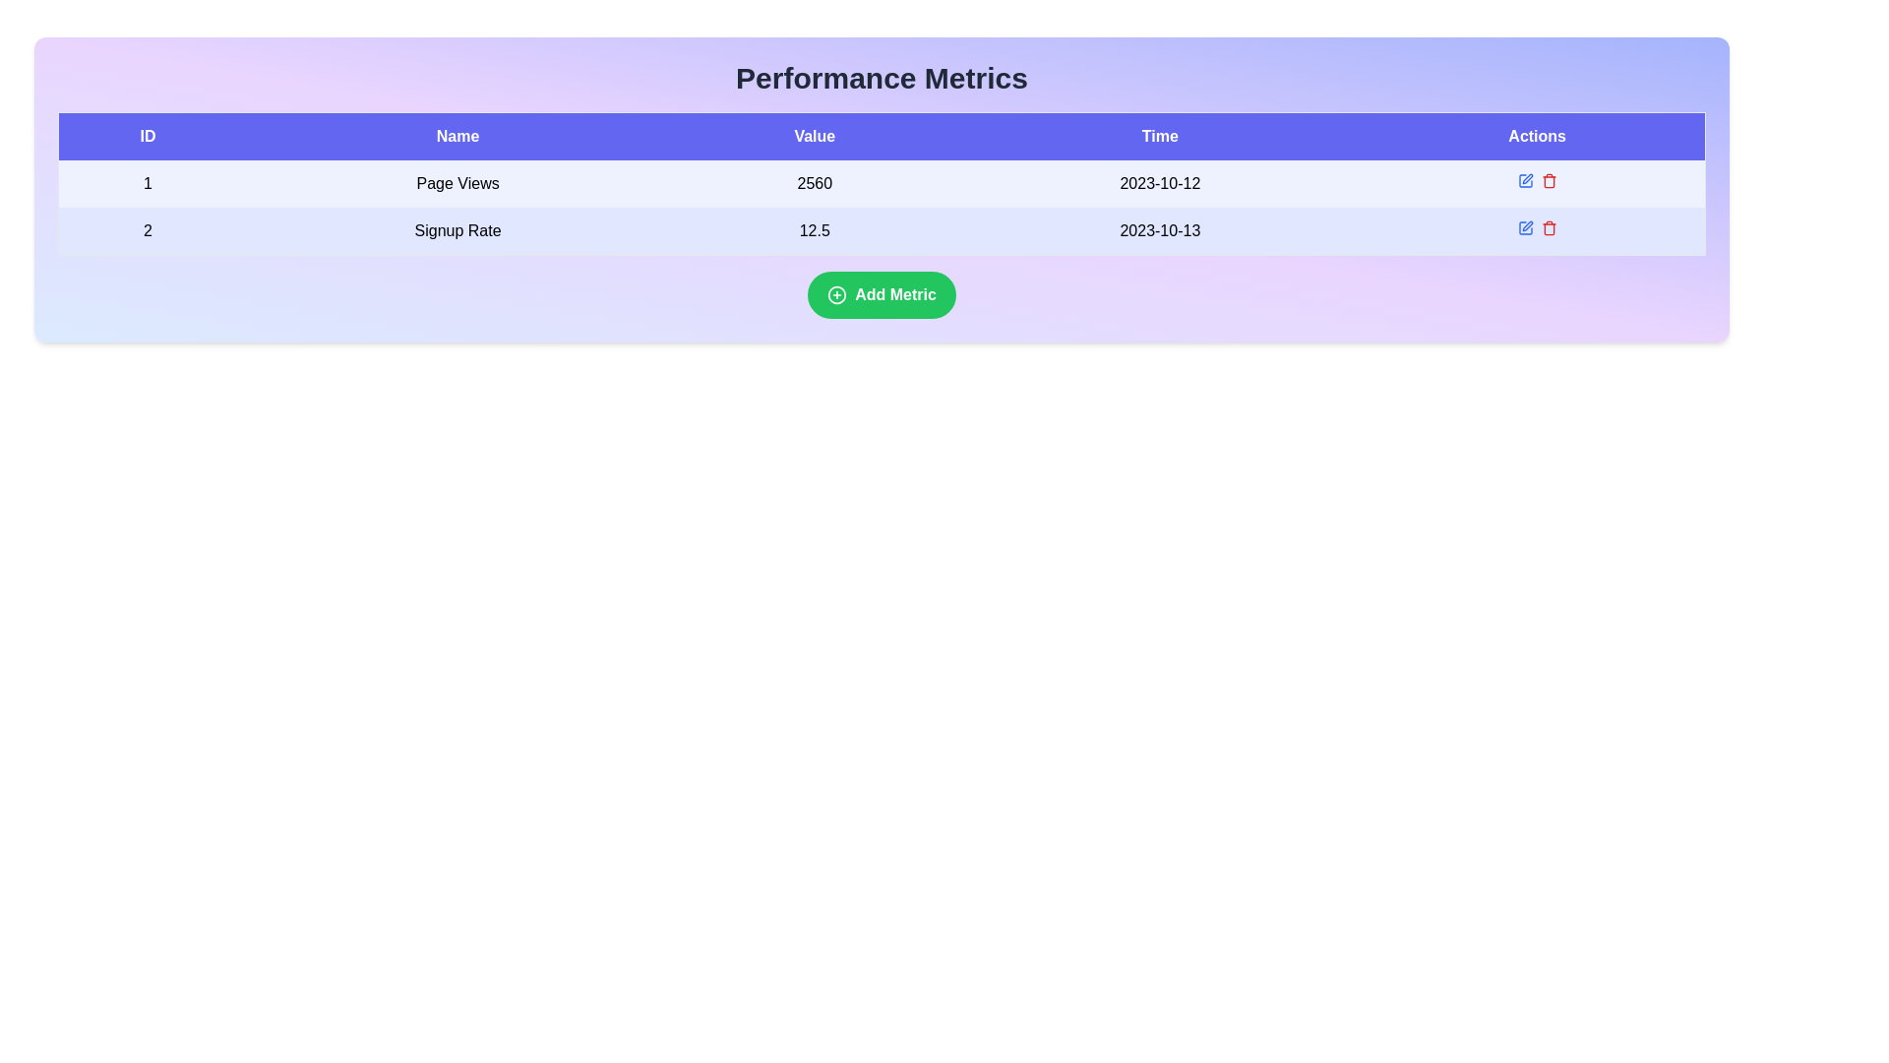 This screenshot has height=1063, width=1889. Describe the element at coordinates (1524, 226) in the screenshot. I see `the square pen icon located in the 'Actions' column of the second row of the 'Performance Metrics' table` at that location.